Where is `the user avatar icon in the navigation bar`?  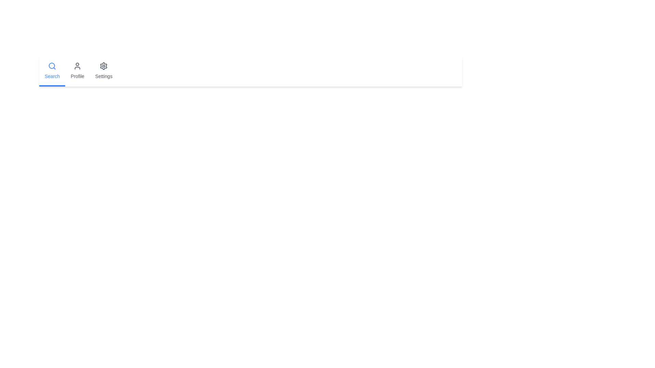 the user avatar icon in the navigation bar is located at coordinates (77, 66).